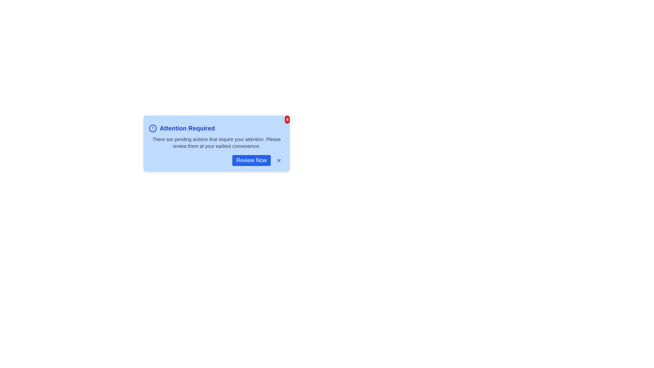 This screenshot has width=654, height=368. I want to click on the notification count displayed on the circular notification badge indicating '4' pending actions, located at the top-right corner of the blue notification box, so click(287, 119).